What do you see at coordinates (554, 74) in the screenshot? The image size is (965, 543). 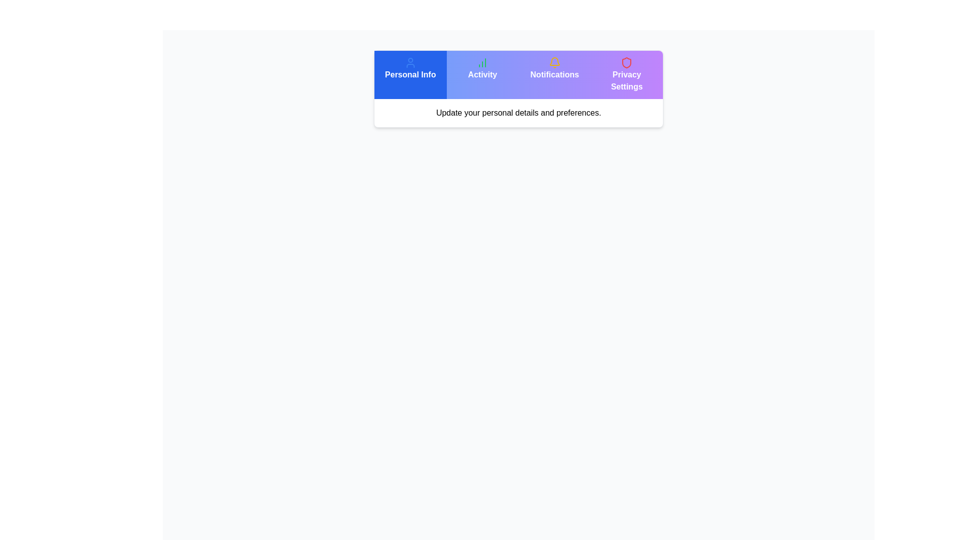 I see `the Notifications tab to observe visual changes` at bounding box center [554, 74].